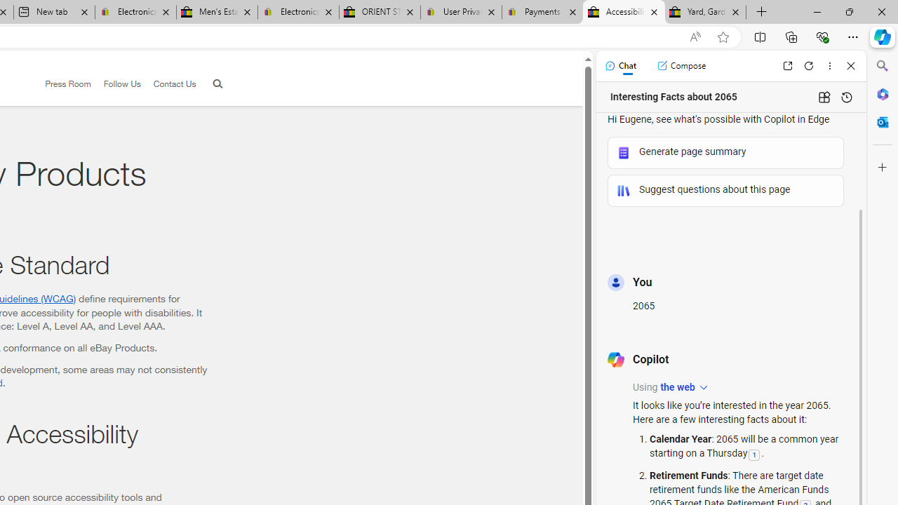 The height and width of the screenshot is (505, 898). Describe the element at coordinates (61, 84) in the screenshot. I see `'Press Room'` at that location.